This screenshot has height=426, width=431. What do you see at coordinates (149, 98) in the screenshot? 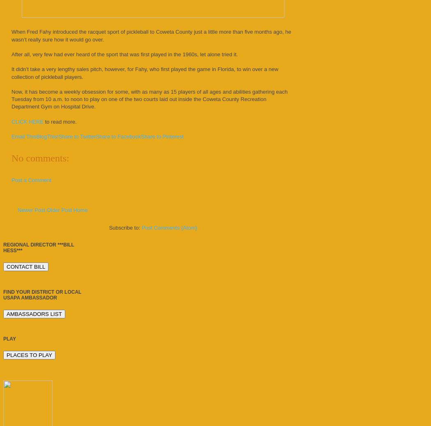
I see `'Now, it has become a weekly obsession for some, with as many as 15 players of all ages and abilities gathering each Tuesday from 10 a.m. to noon to play on one of the two courts laid out inside the Coweta County Recreation Department Gym on Hospital Drive.'` at bounding box center [149, 98].